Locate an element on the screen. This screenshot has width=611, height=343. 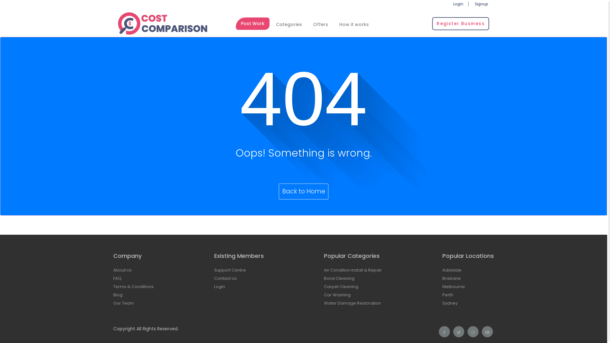
'Car Washing' is located at coordinates (337, 295).